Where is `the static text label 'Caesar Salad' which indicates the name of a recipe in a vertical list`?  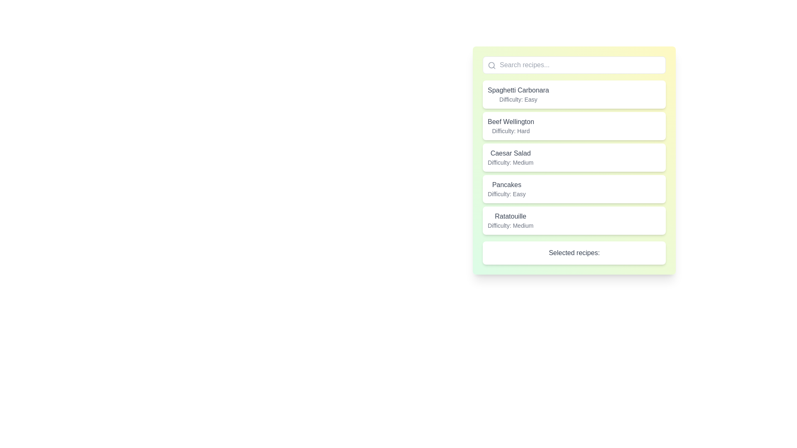 the static text label 'Caesar Salad' which indicates the name of a recipe in a vertical list is located at coordinates (510, 153).